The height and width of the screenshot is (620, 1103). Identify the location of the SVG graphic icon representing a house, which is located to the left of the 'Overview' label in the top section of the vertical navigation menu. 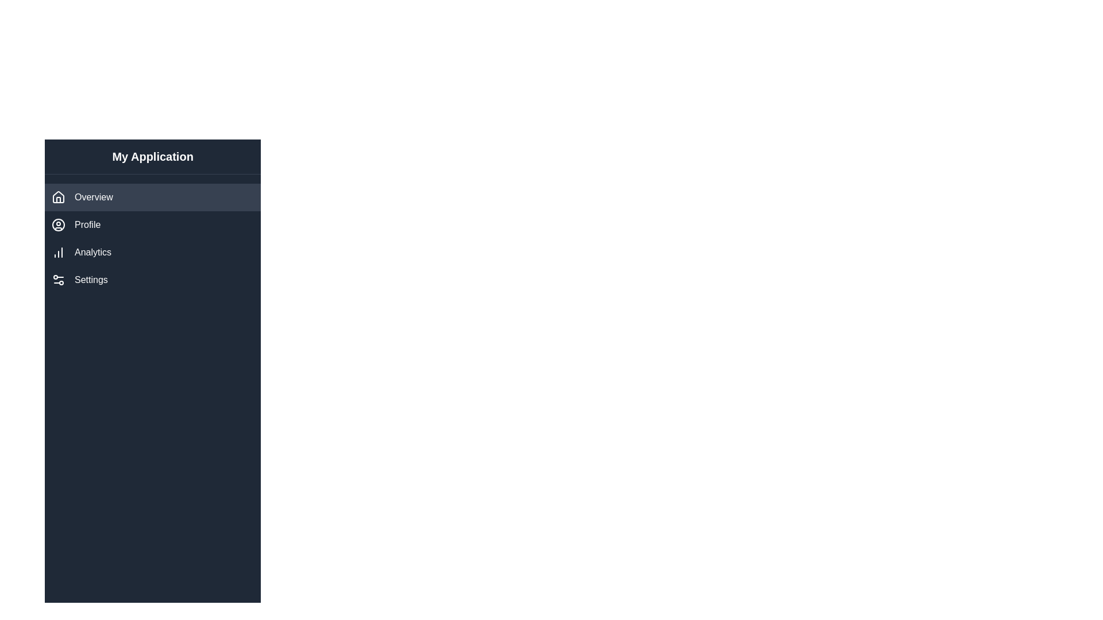
(57, 196).